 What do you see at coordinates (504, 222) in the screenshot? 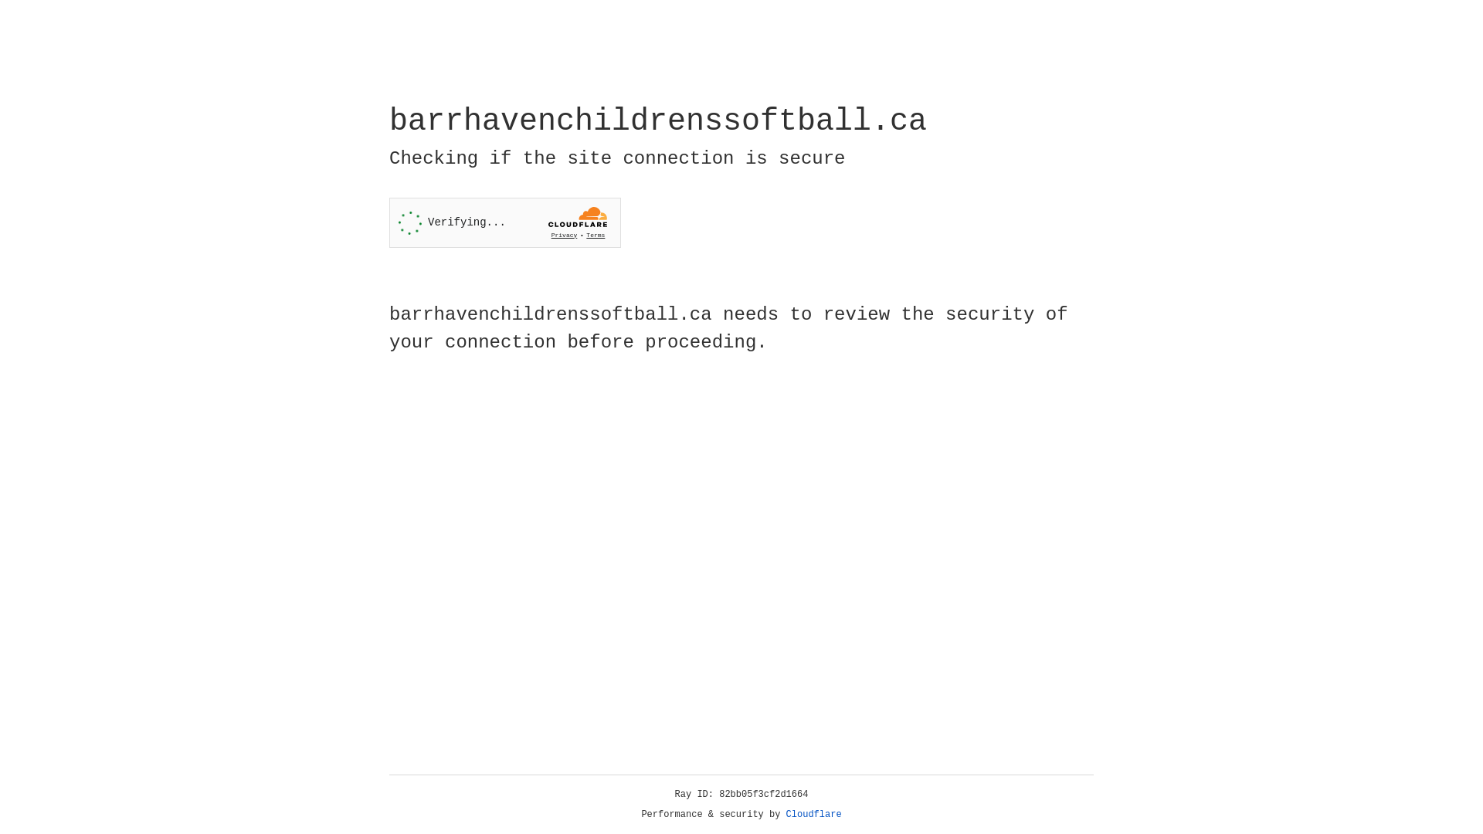
I see `'Widget containing a Cloudflare security challenge'` at bounding box center [504, 222].